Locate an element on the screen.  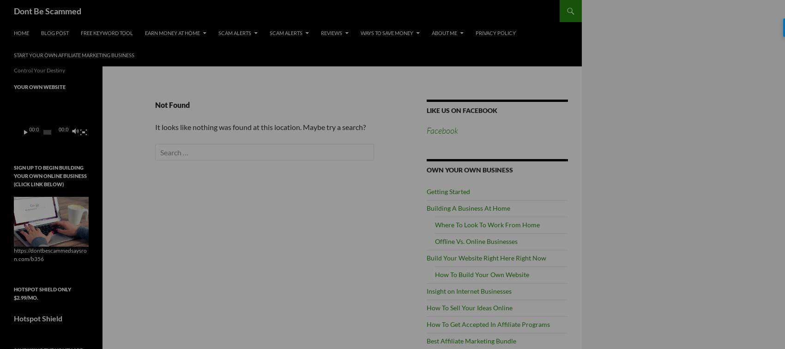
'https://dontbescammedsaysron.com/b356' is located at coordinates (49, 254).